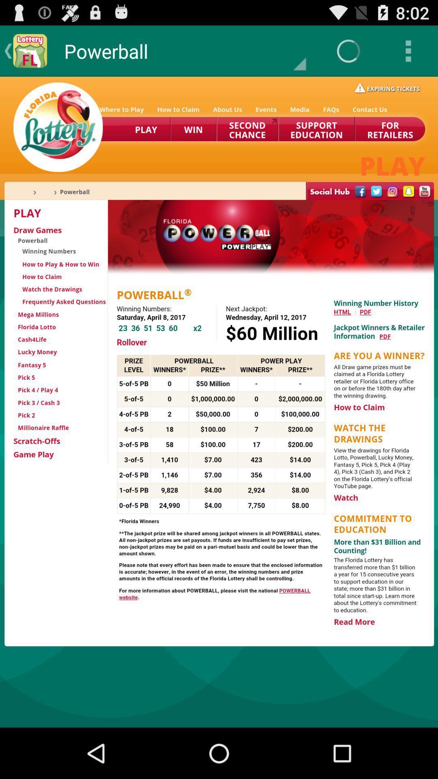 This screenshot has height=779, width=438. Describe the element at coordinates (219, 402) in the screenshot. I see `menu area` at that location.